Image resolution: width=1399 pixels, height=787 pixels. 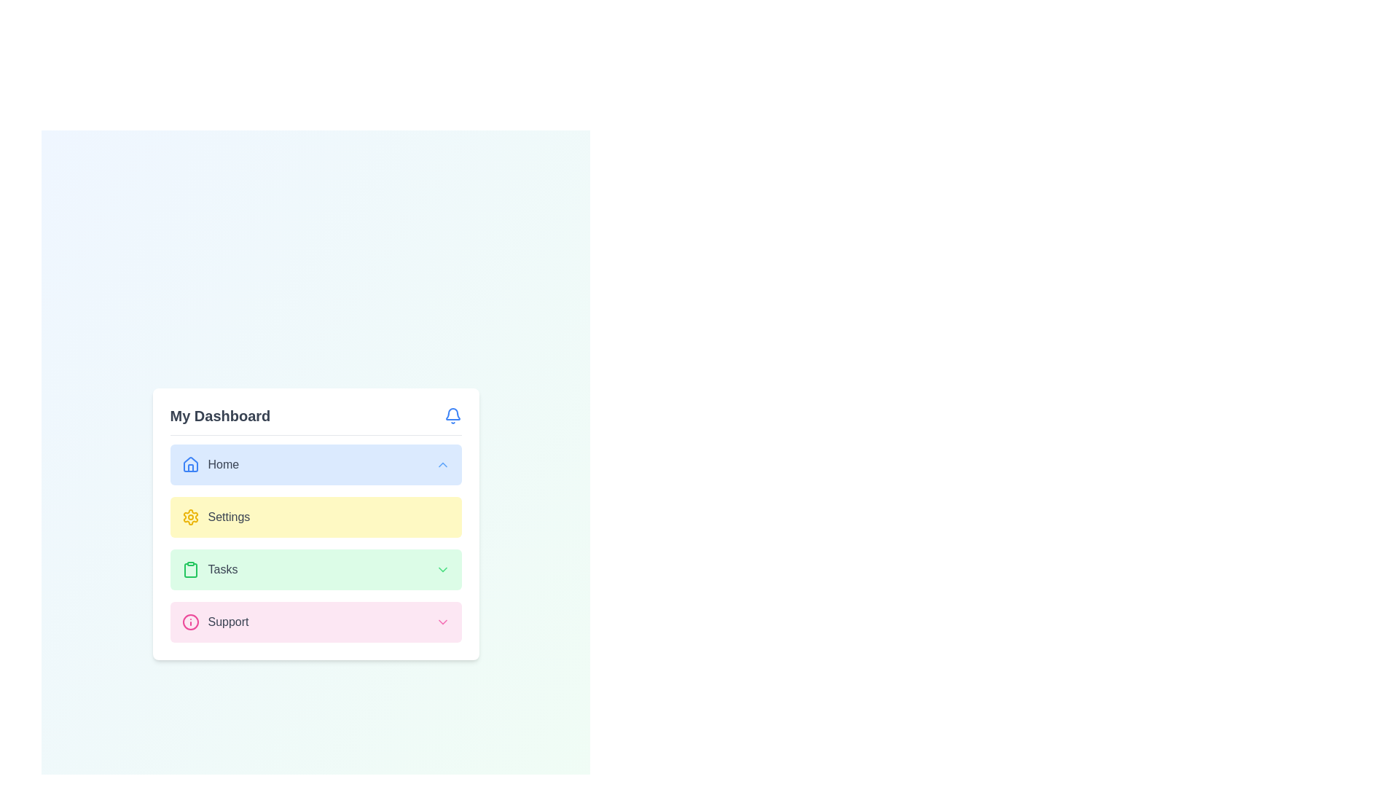 What do you see at coordinates (315, 516) in the screenshot?
I see `the navigation button located below the 'Home' item` at bounding box center [315, 516].